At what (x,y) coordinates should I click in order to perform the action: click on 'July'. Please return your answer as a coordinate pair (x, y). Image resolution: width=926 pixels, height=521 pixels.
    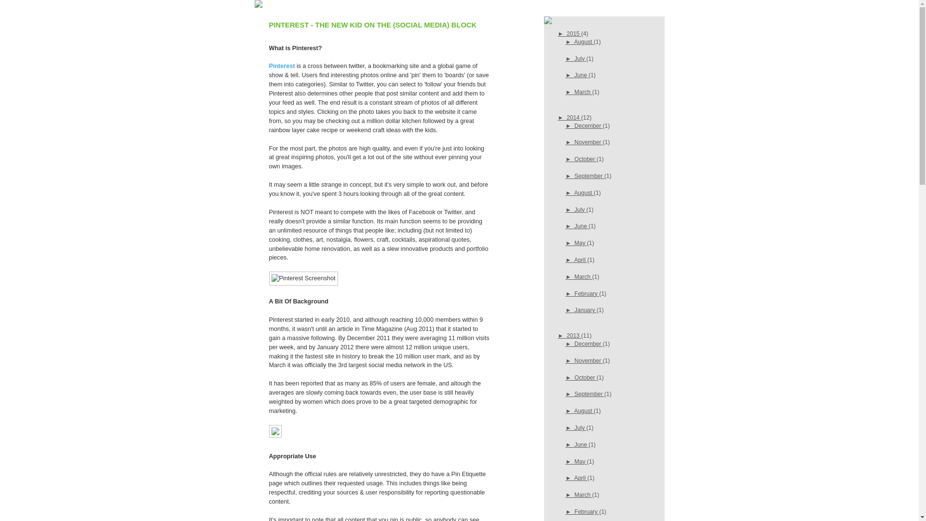
    Looking at the image, I should click on (580, 58).